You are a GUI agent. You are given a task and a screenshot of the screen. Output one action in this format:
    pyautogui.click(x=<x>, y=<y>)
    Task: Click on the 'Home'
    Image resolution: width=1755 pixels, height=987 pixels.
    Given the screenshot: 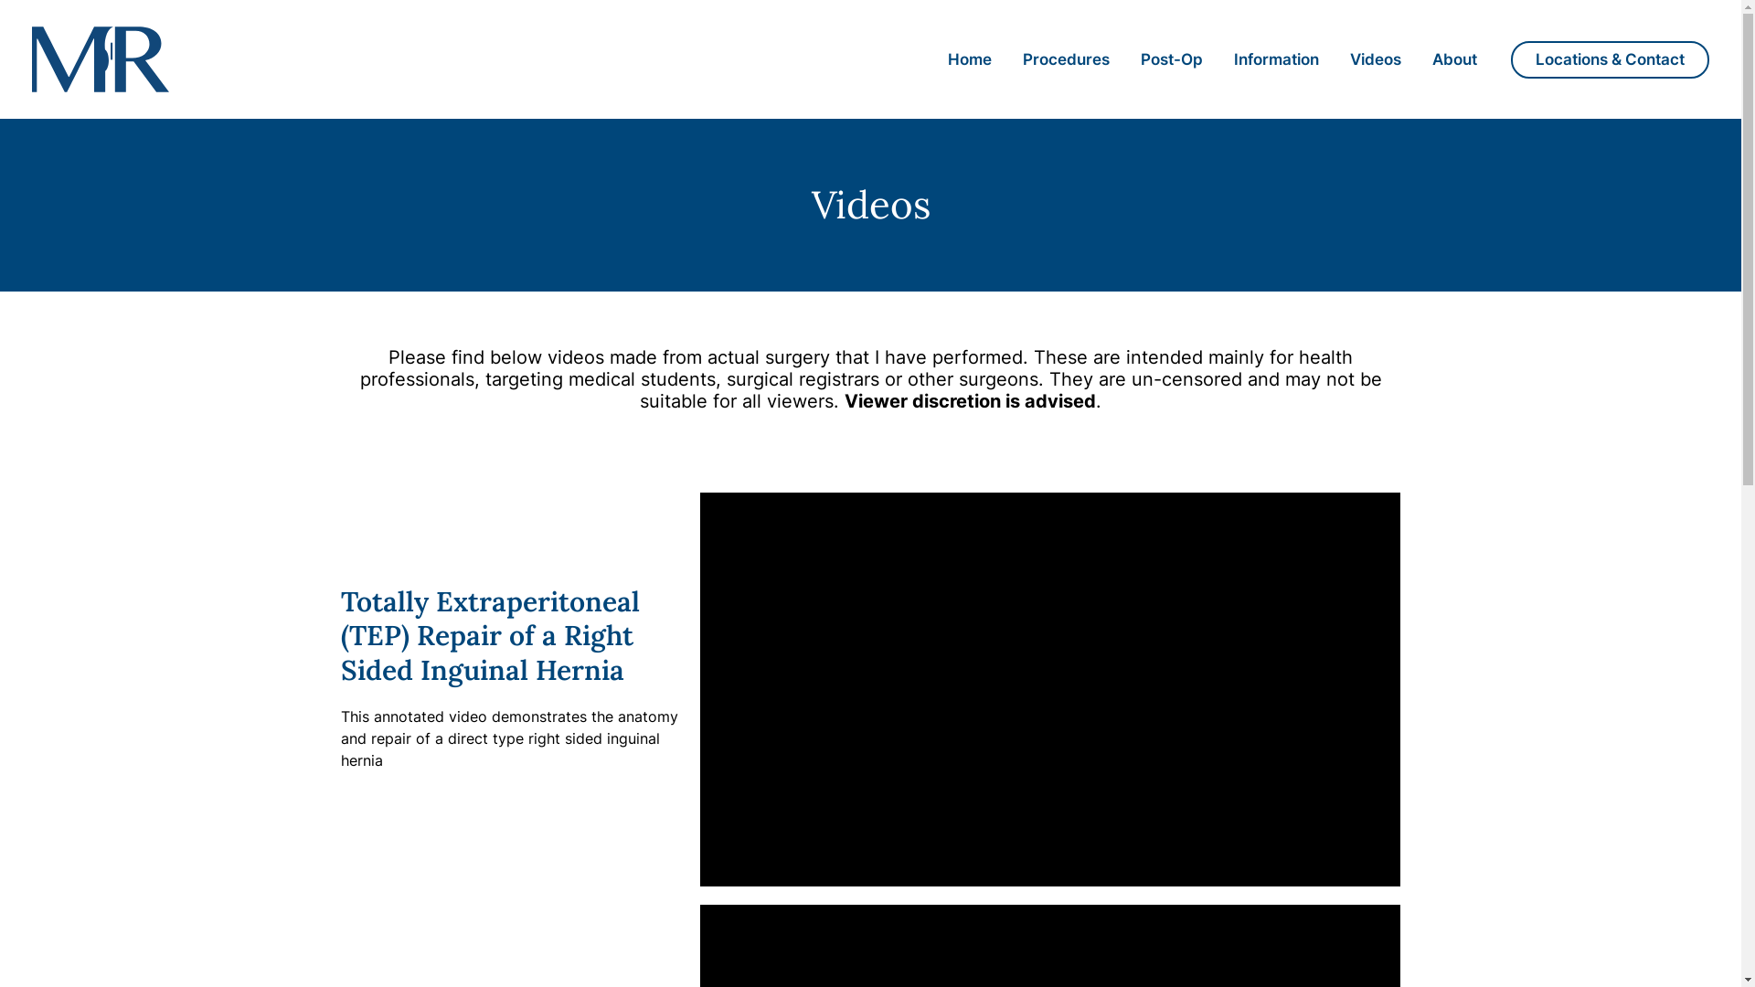 What is the action you would take?
    pyautogui.click(x=931, y=58)
    